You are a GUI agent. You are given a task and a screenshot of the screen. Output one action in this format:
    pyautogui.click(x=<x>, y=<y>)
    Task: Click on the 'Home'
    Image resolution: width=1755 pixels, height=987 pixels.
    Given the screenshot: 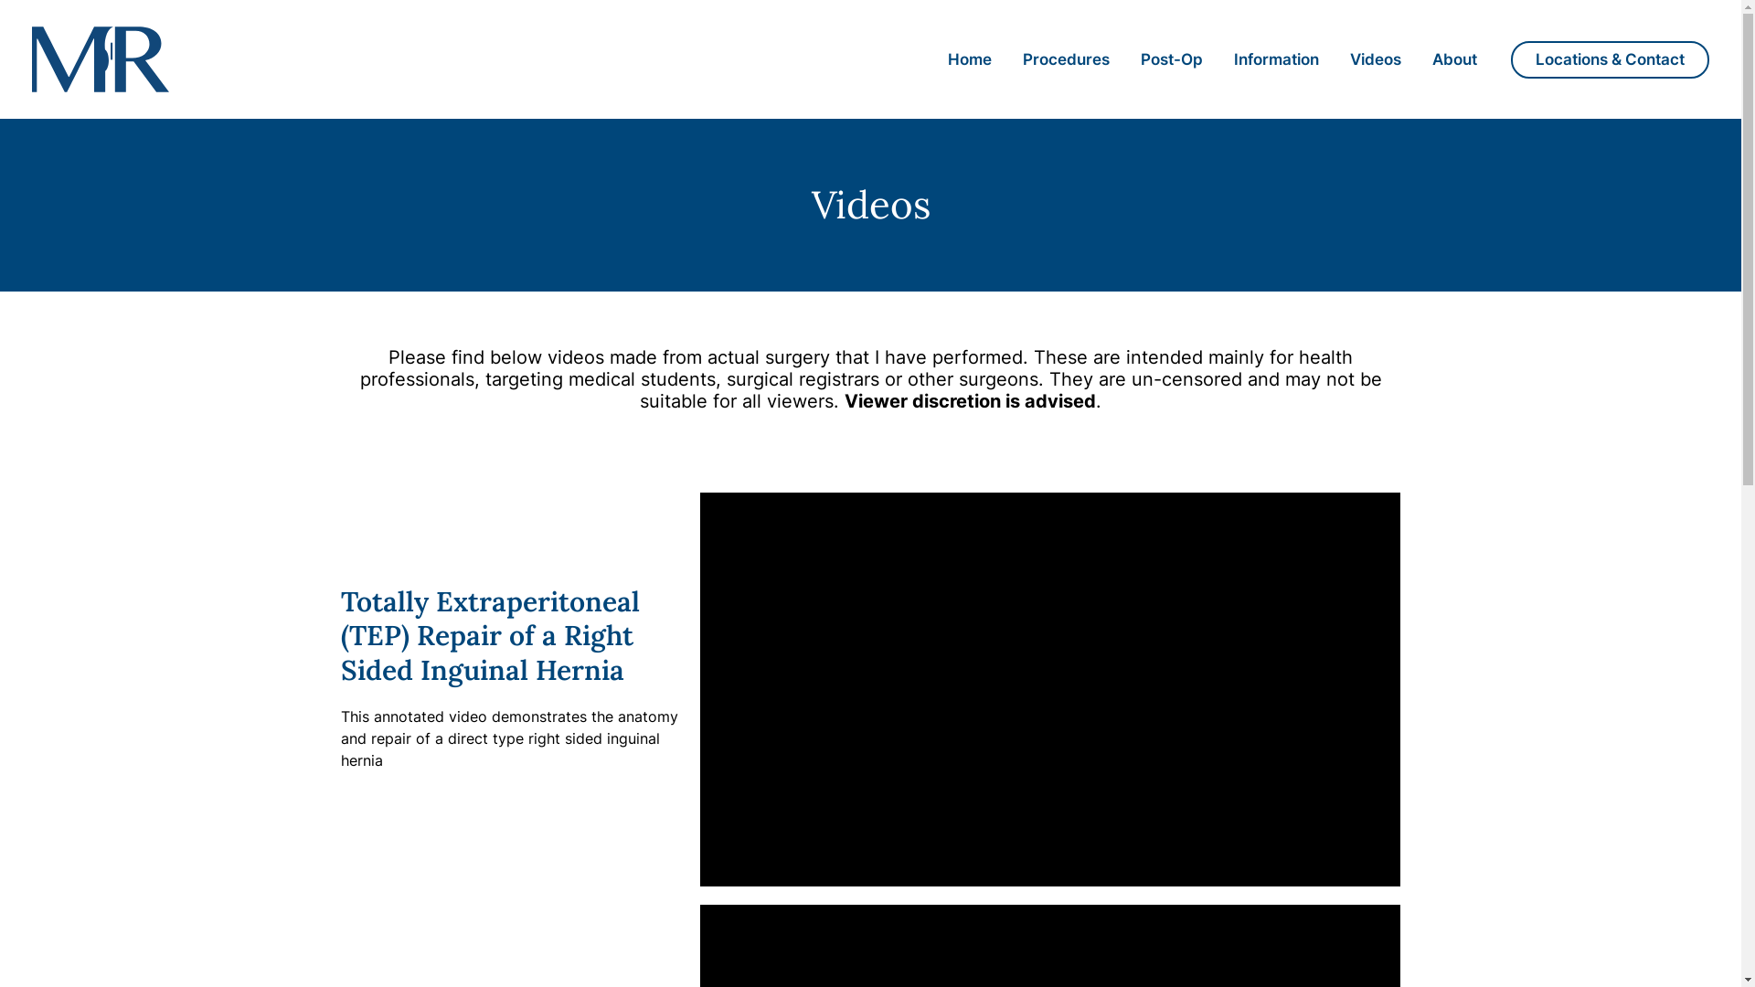 What is the action you would take?
    pyautogui.click(x=931, y=58)
    